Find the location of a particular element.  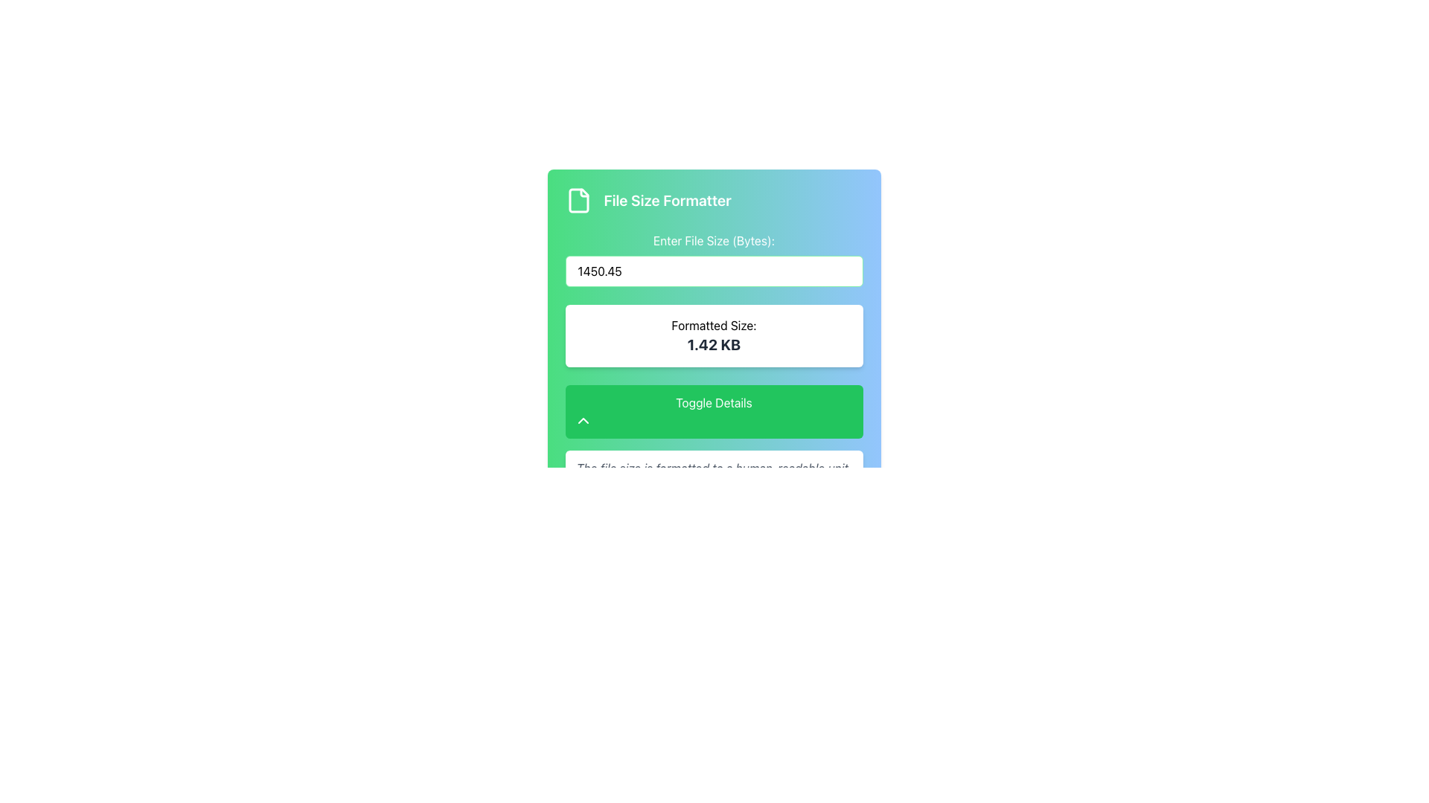

the title/header element that indicates the purpose of the form related to file size formatting is located at coordinates (713, 201).